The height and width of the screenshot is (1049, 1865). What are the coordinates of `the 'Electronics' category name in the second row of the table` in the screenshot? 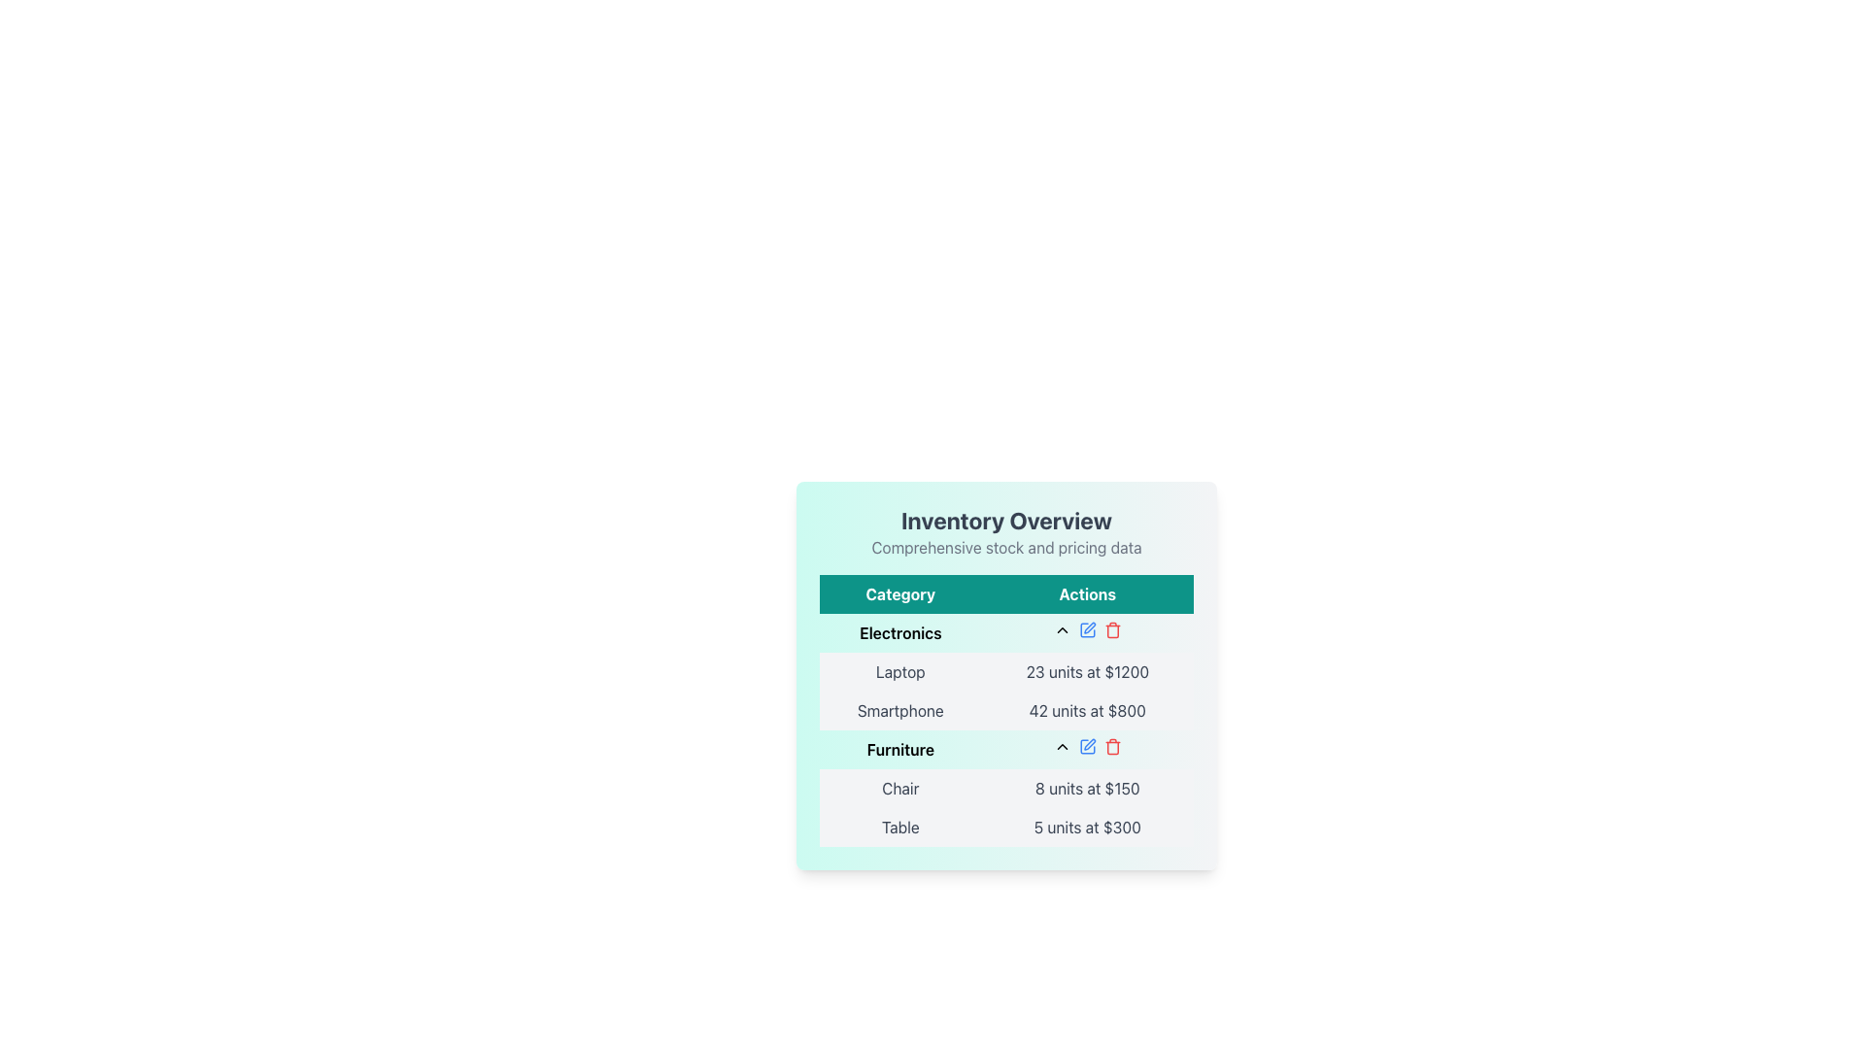 It's located at (1006, 632).